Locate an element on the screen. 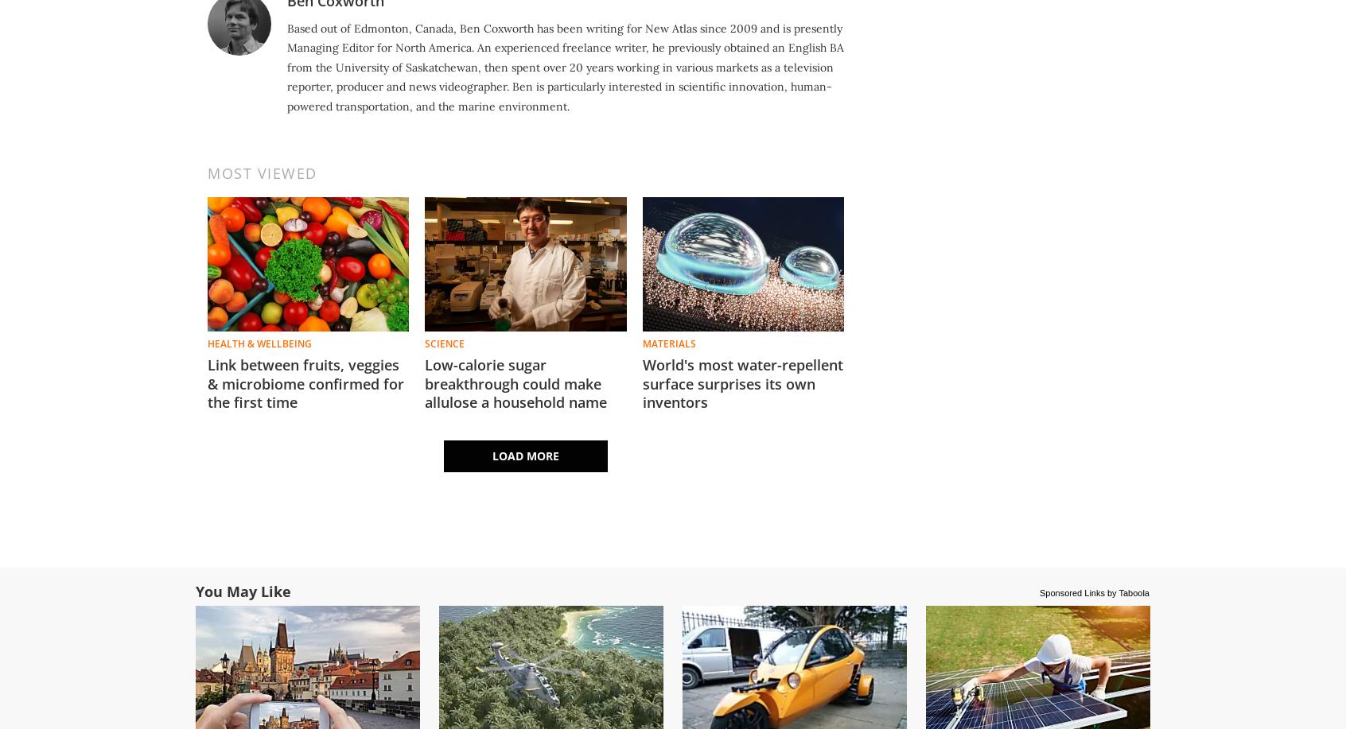 Image resolution: width=1346 pixels, height=729 pixels. 'Most Viewed' is located at coordinates (261, 172).